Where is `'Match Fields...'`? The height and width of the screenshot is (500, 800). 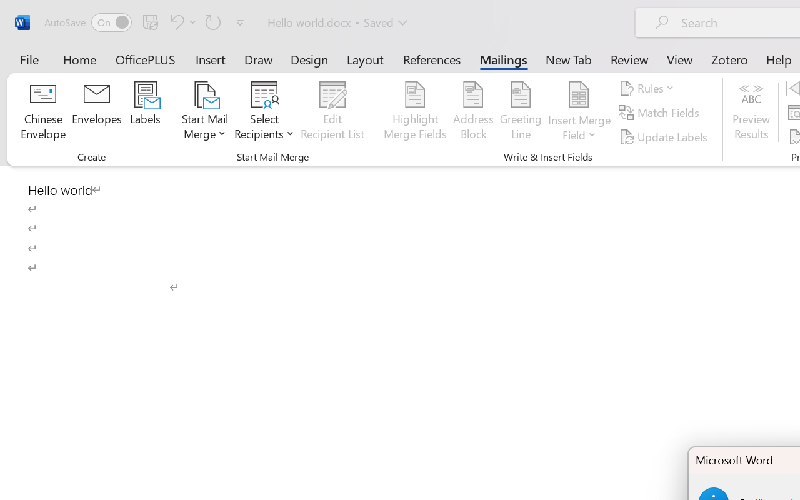
'Match Fields...' is located at coordinates (660, 112).